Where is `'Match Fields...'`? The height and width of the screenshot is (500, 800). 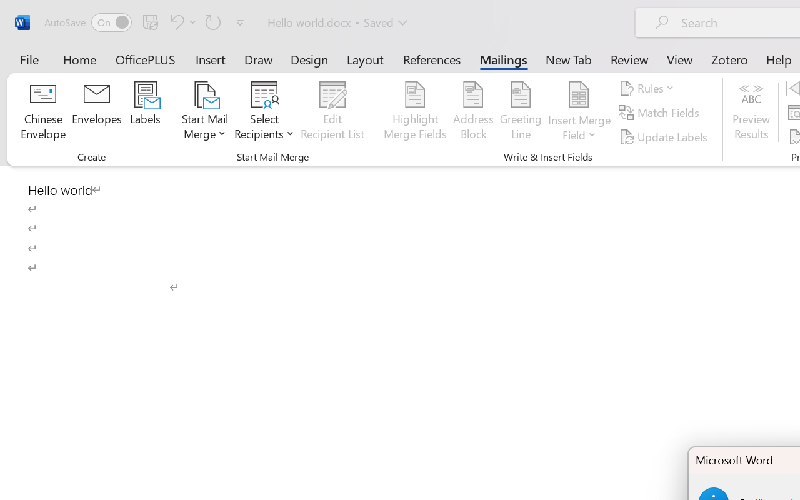
'Match Fields...' is located at coordinates (660, 112).